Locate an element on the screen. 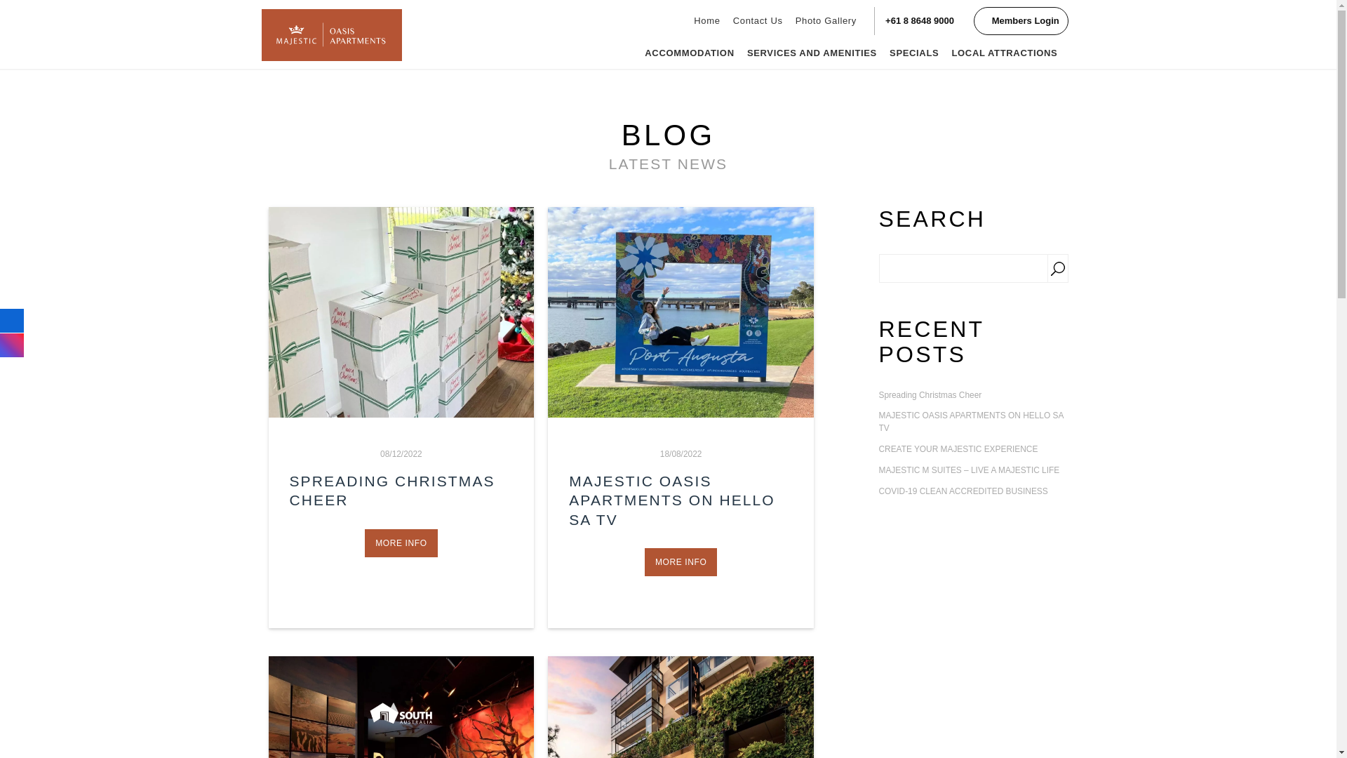 The image size is (1347, 758). '08/12/2022' is located at coordinates (380, 454).